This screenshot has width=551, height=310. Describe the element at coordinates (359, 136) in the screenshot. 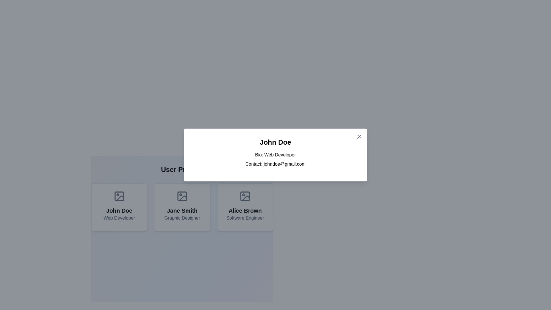

I see `the 'X' shaped close button located at the top-right corner of the modal dialog` at that location.